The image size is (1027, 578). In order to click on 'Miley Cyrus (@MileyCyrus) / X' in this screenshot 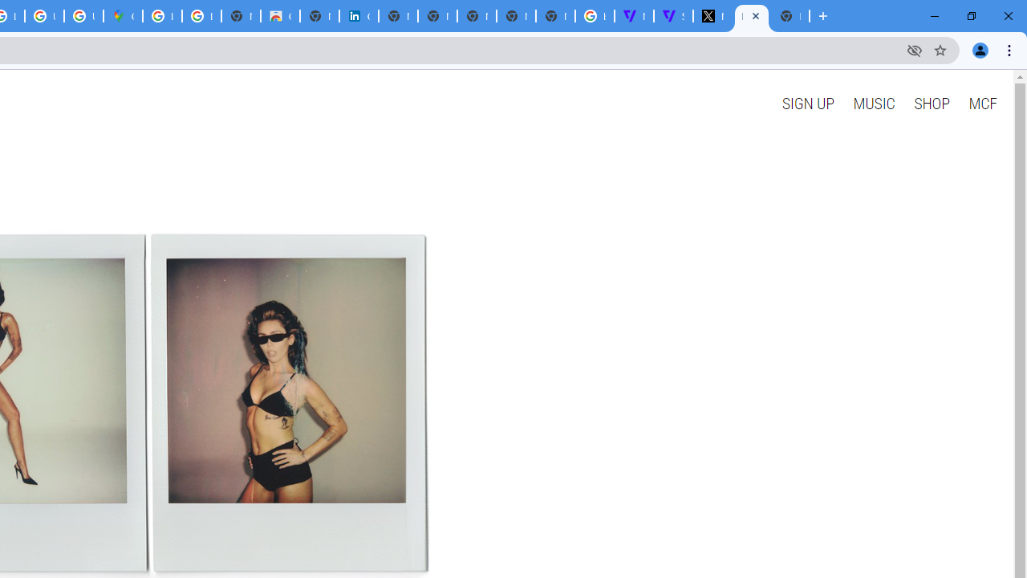, I will do `click(712, 16)`.